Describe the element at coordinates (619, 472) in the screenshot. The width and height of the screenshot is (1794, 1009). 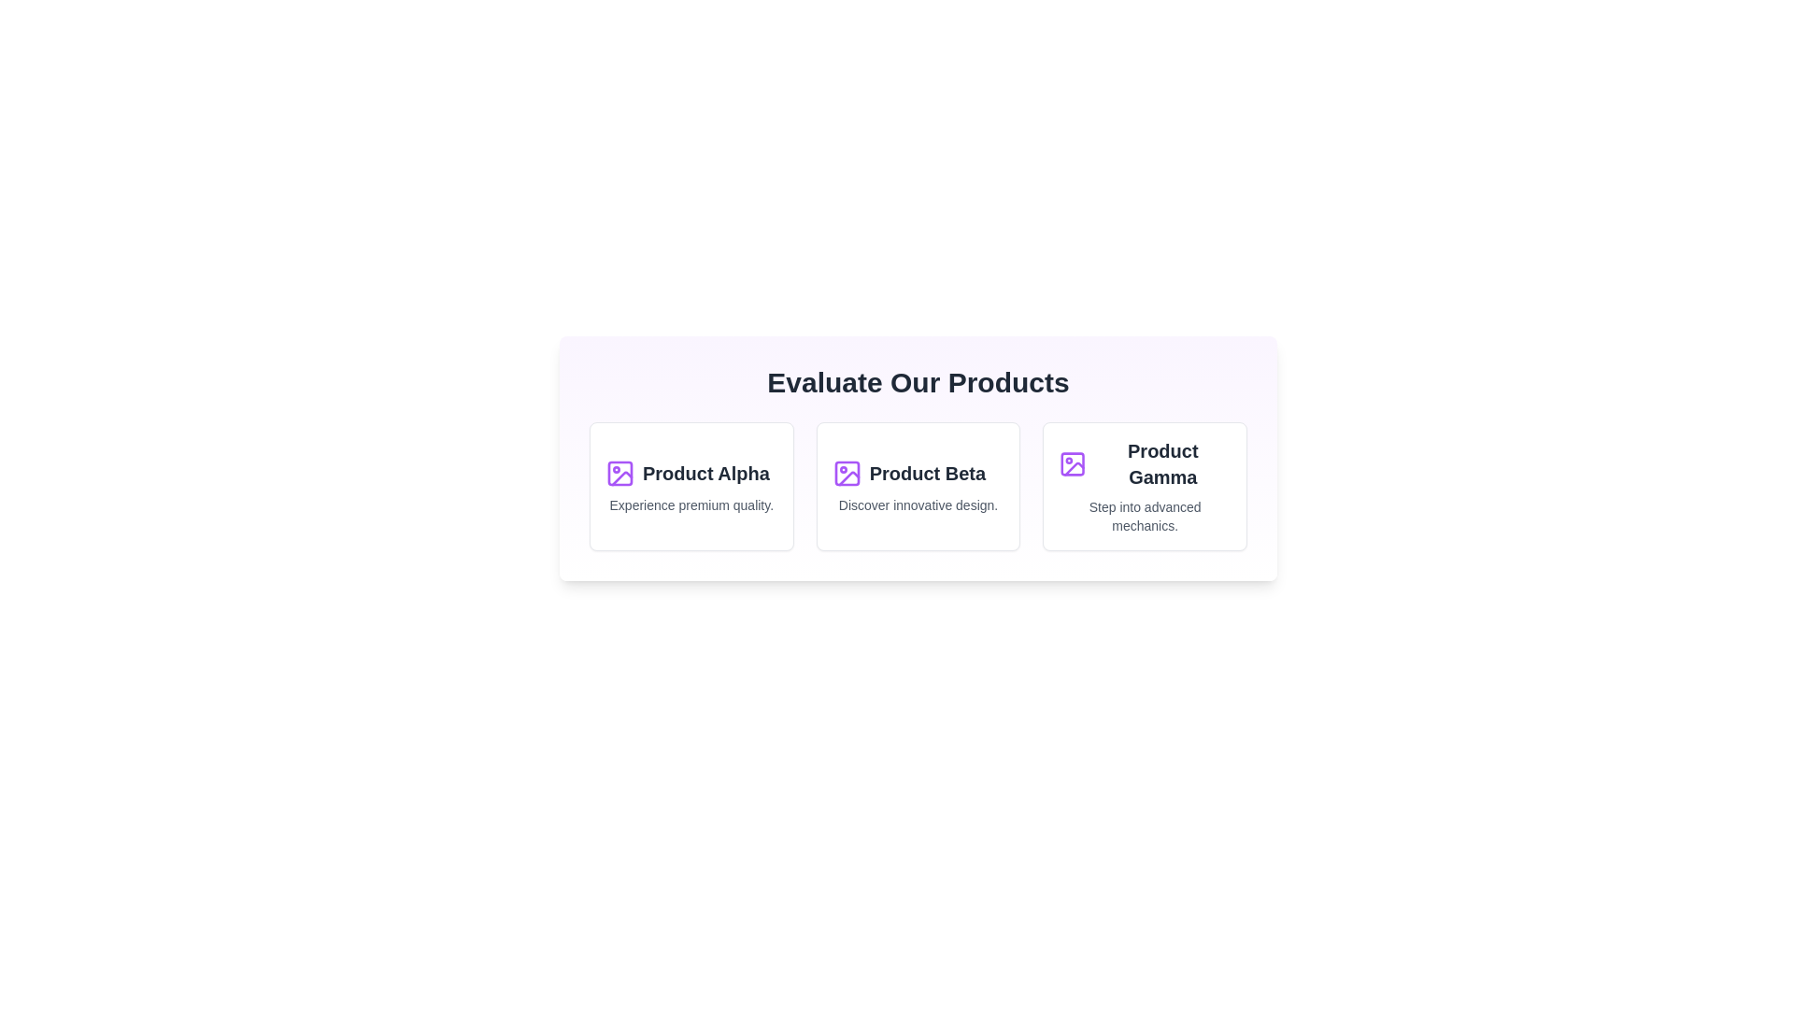
I see `the purple icon resembling an image placeholder located at the leftmost part of the 'Product Alpha' section in the 'Evaluate Our Products' area to interact with it` at that location.